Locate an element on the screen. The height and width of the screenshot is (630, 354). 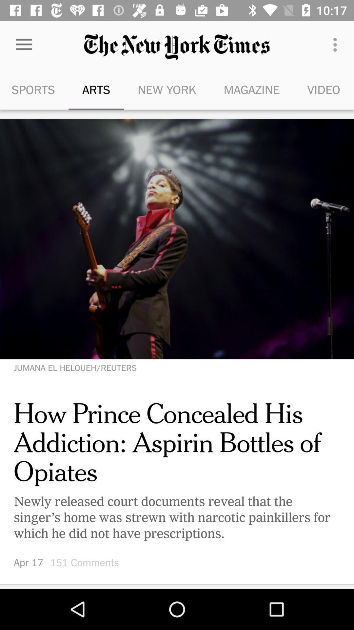
icon next to new york icon is located at coordinates (251, 89).